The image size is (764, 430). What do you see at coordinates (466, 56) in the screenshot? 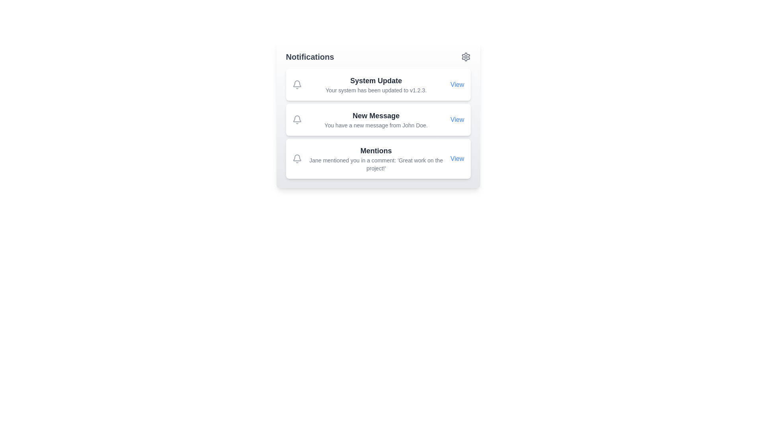
I see `the settings button in the top-right corner of the NotificationsDashboard` at bounding box center [466, 56].